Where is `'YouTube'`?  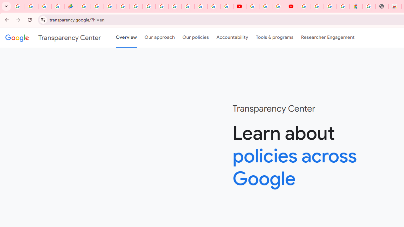 'YouTube' is located at coordinates (239, 6).